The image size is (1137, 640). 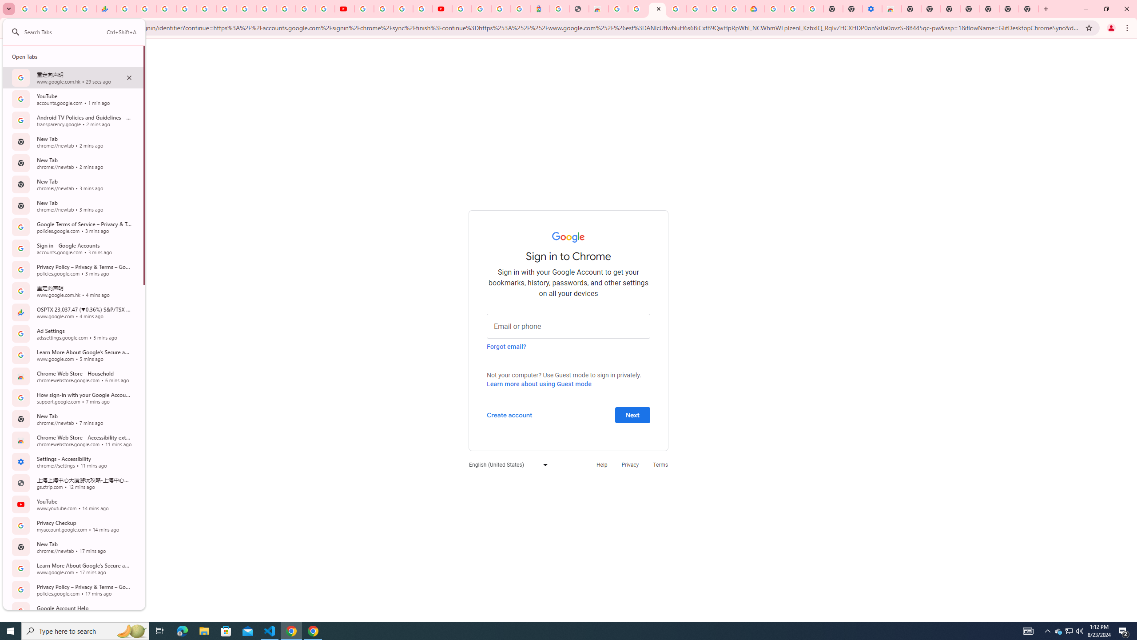 What do you see at coordinates (73, 611) in the screenshot?
I see `'Google Account Help support.google.com 17 mins ago Open Tab'` at bounding box center [73, 611].